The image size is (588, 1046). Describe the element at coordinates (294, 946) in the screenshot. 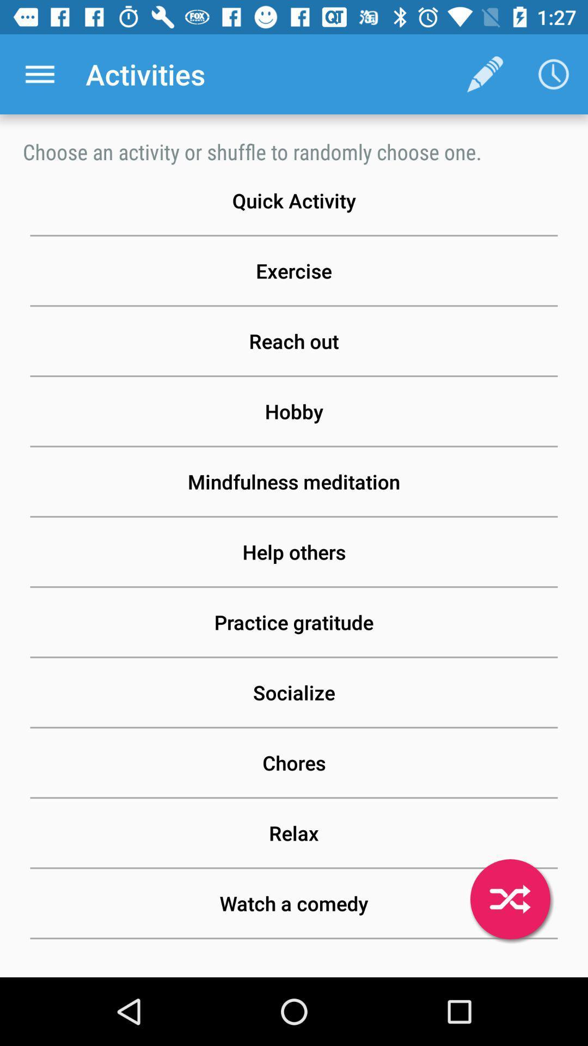

I see `the read a book icon` at that location.